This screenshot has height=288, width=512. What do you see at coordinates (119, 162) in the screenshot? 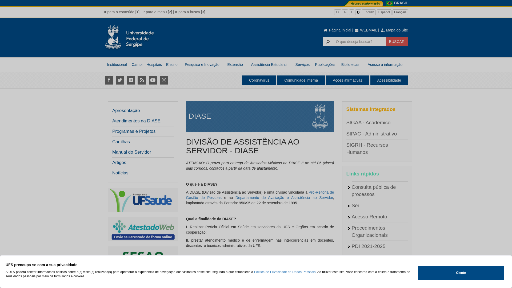
I see `'Artigos'` at bounding box center [119, 162].